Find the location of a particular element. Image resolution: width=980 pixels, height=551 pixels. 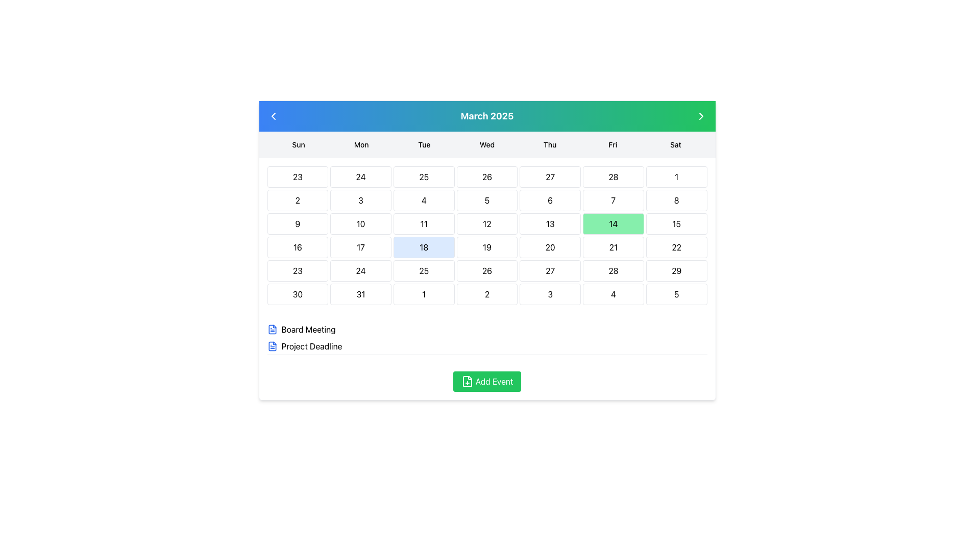

the file icon located within the green 'Add Event' button at the lower portion of the application interface is located at coordinates (467, 382).